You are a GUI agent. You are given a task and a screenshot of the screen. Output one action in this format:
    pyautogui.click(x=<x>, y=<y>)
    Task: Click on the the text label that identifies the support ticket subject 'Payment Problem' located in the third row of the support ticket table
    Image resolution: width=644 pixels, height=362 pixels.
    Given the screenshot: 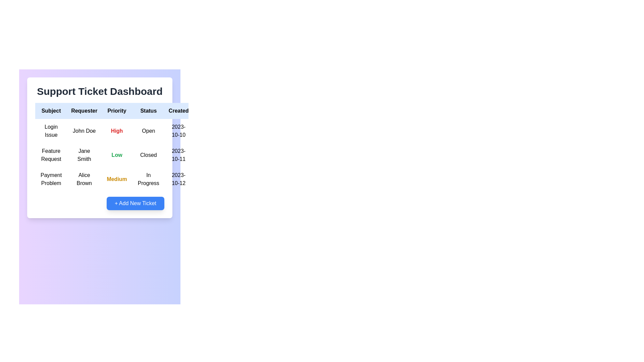 What is the action you would take?
    pyautogui.click(x=51, y=179)
    